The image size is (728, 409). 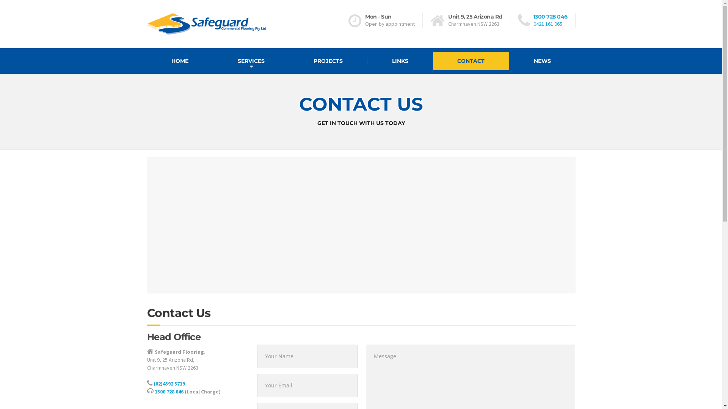 I want to click on '0421 161 065', so click(x=548, y=23).